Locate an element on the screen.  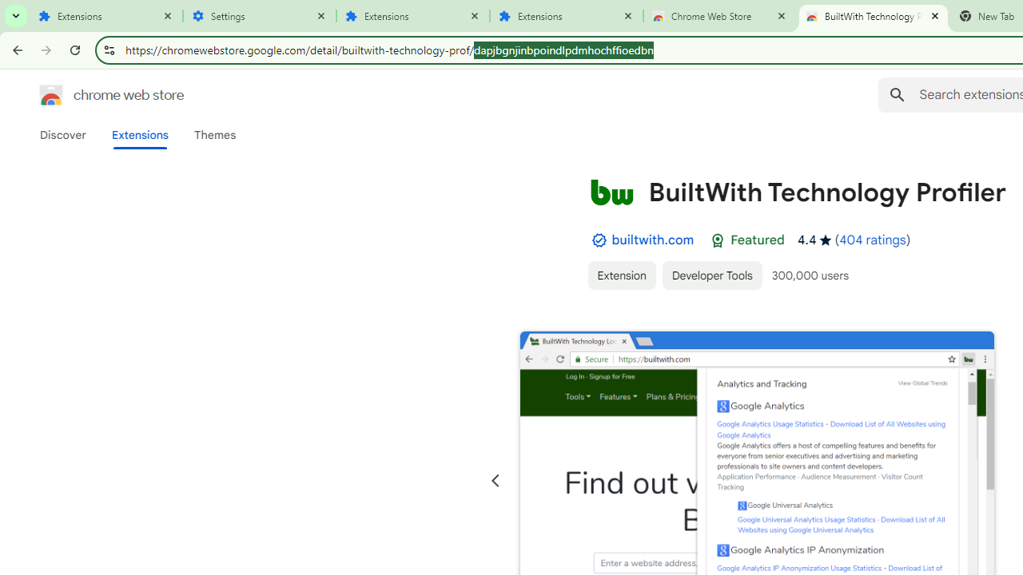
'Chrome Web Store logo' is located at coordinates (51, 95).